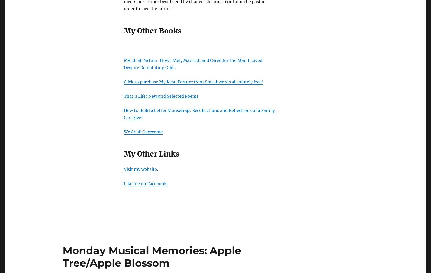 The height and width of the screenshot is (273, 431). I want to click on 'How to Build a better Mousetrap: Recollections and Reflections of a Family Caregiver', so click(199, 113).